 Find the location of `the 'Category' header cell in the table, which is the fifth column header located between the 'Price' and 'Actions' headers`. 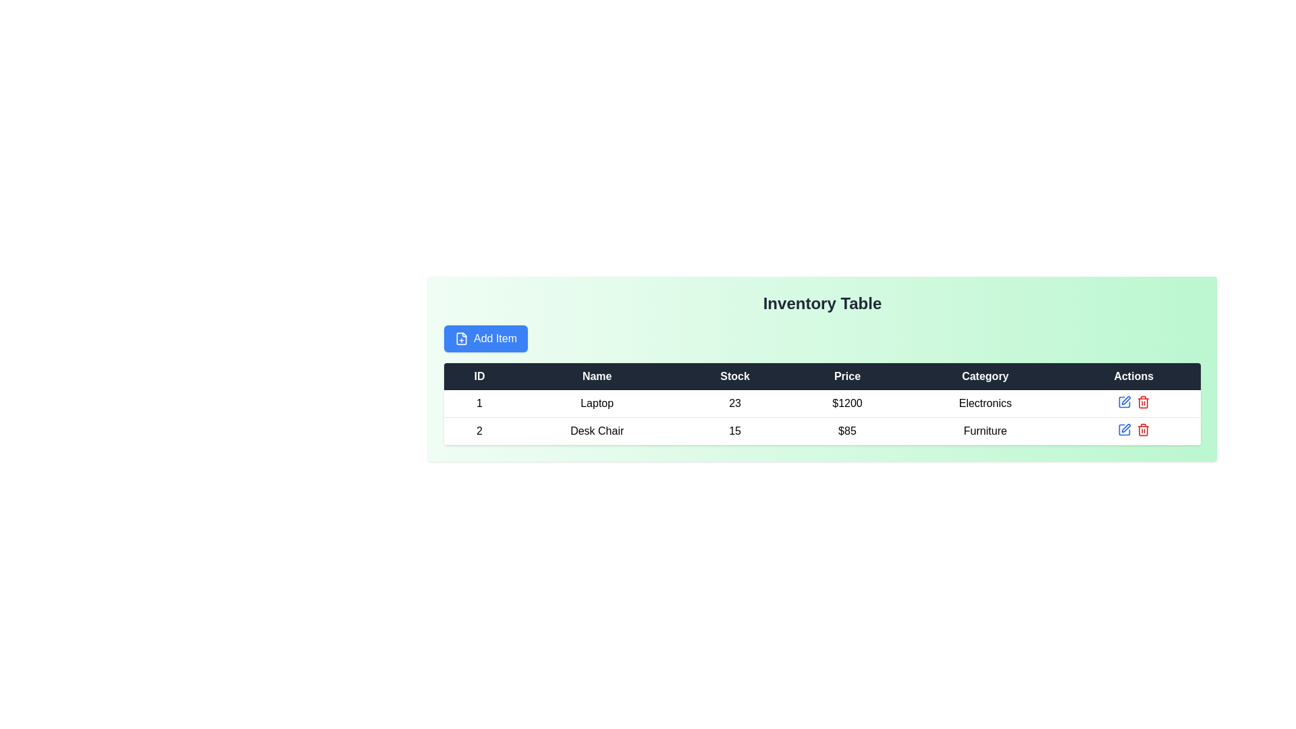

the 'Category' header cell in the table, which is the fifth column header located between the 'Price' and 'Actions' headers is located at coordinates (985, 377).